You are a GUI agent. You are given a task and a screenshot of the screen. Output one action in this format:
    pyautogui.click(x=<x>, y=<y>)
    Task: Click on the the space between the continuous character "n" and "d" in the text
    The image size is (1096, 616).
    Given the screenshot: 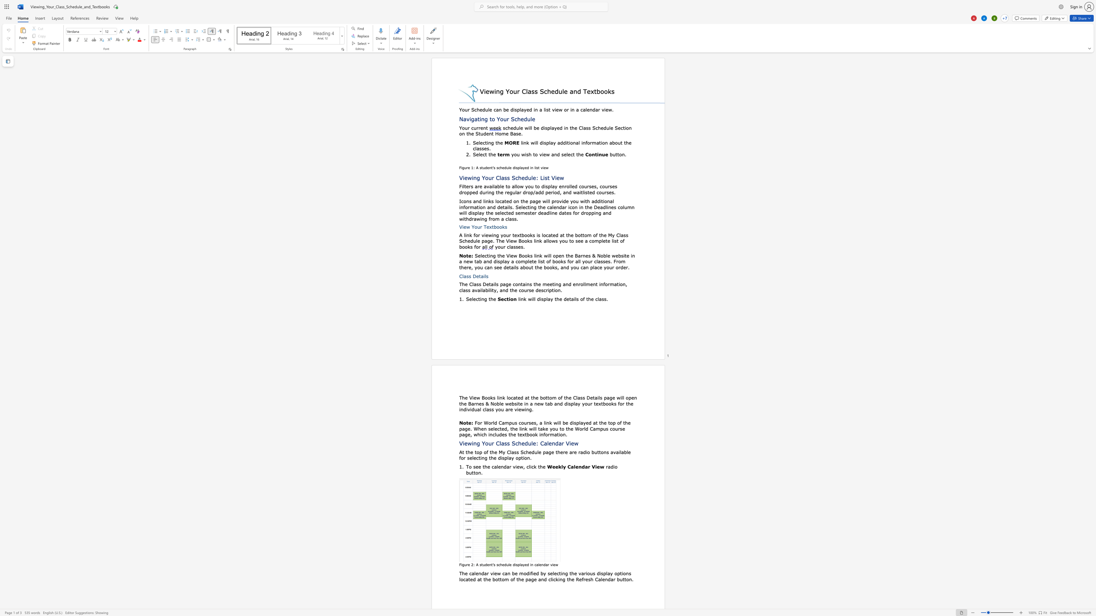 What is the action you would take?
    pyautogui.click(x=481, y=573)
    